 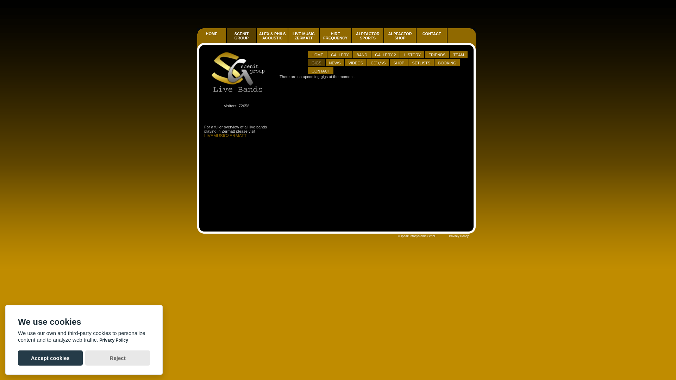 What do you see at coordinates (421, 62) in the screenshot?
I see `'SETLISTS'` at bounding box center [421, 62].